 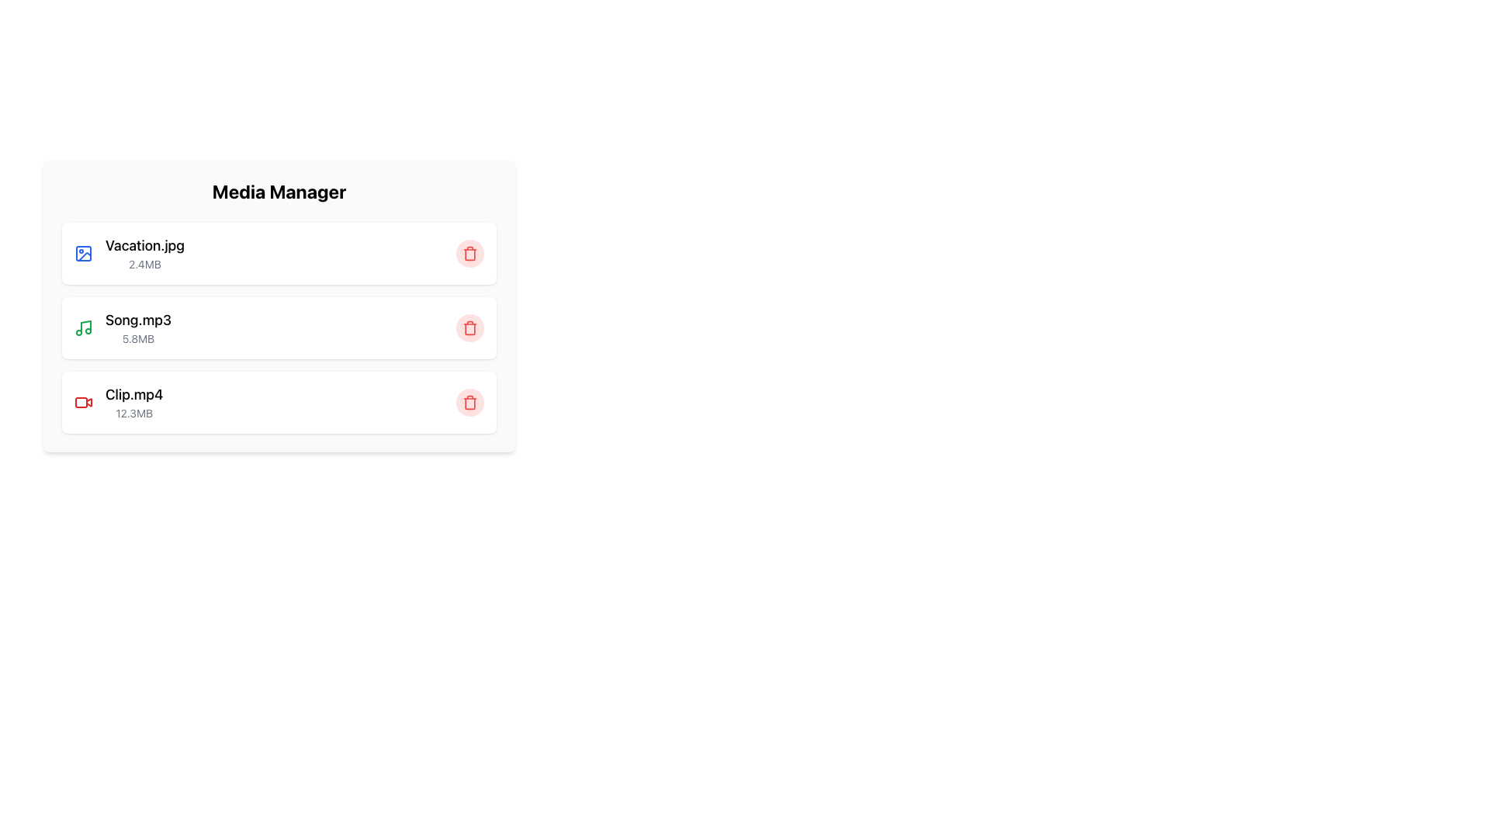 I want to click on the text label that displays the file size information for 'Vacation.jpg', located directly below the file name in the first row of the file listing, so click(x=145, y=263).